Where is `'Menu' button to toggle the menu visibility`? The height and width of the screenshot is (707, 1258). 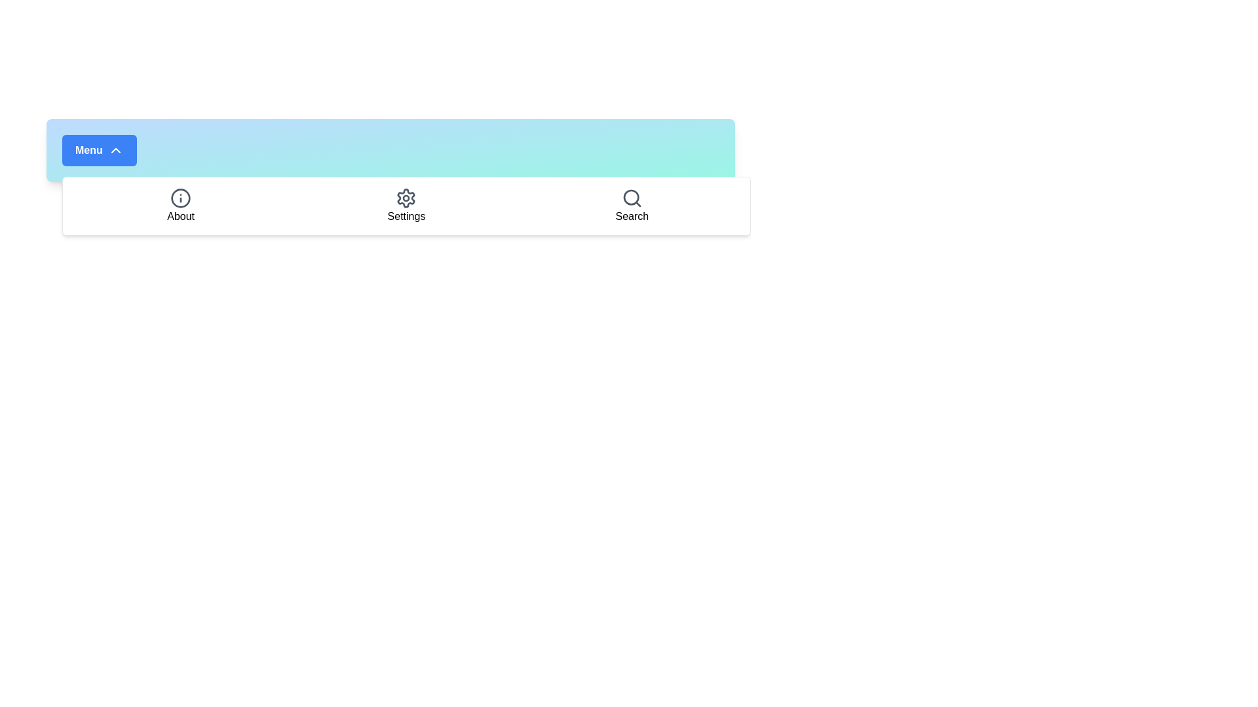 'Menu' button to toggle the menu visibility is located at coordinates (98, 150).